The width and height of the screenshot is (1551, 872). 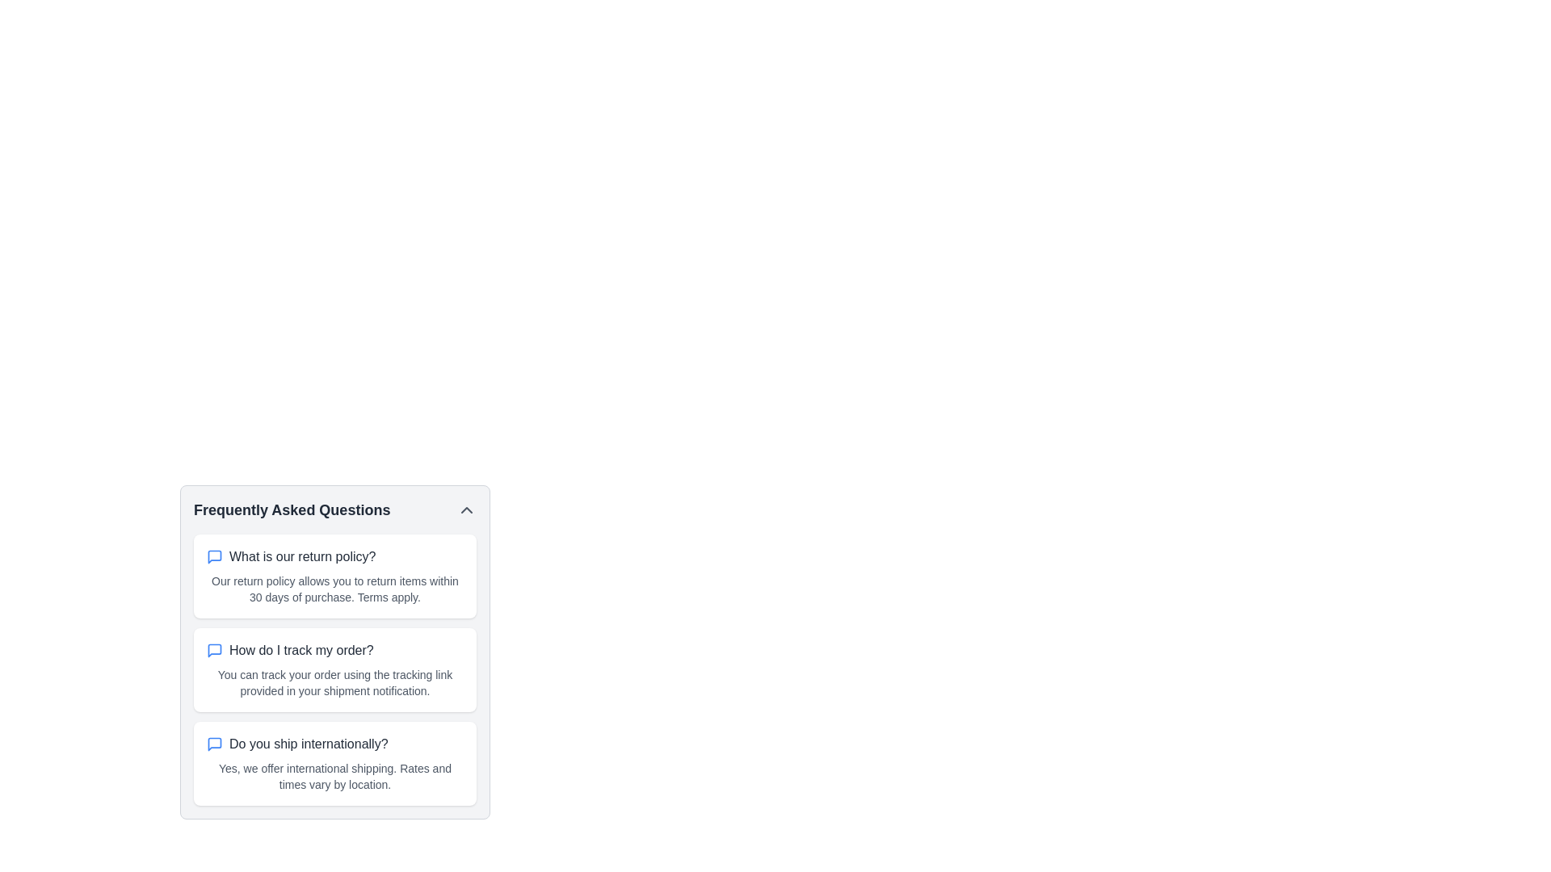 I want to click on the informational text block that guides users on how to track their orders, located in the FAQ section under the question 'How do I track my order?', so click(x=334, y=682).